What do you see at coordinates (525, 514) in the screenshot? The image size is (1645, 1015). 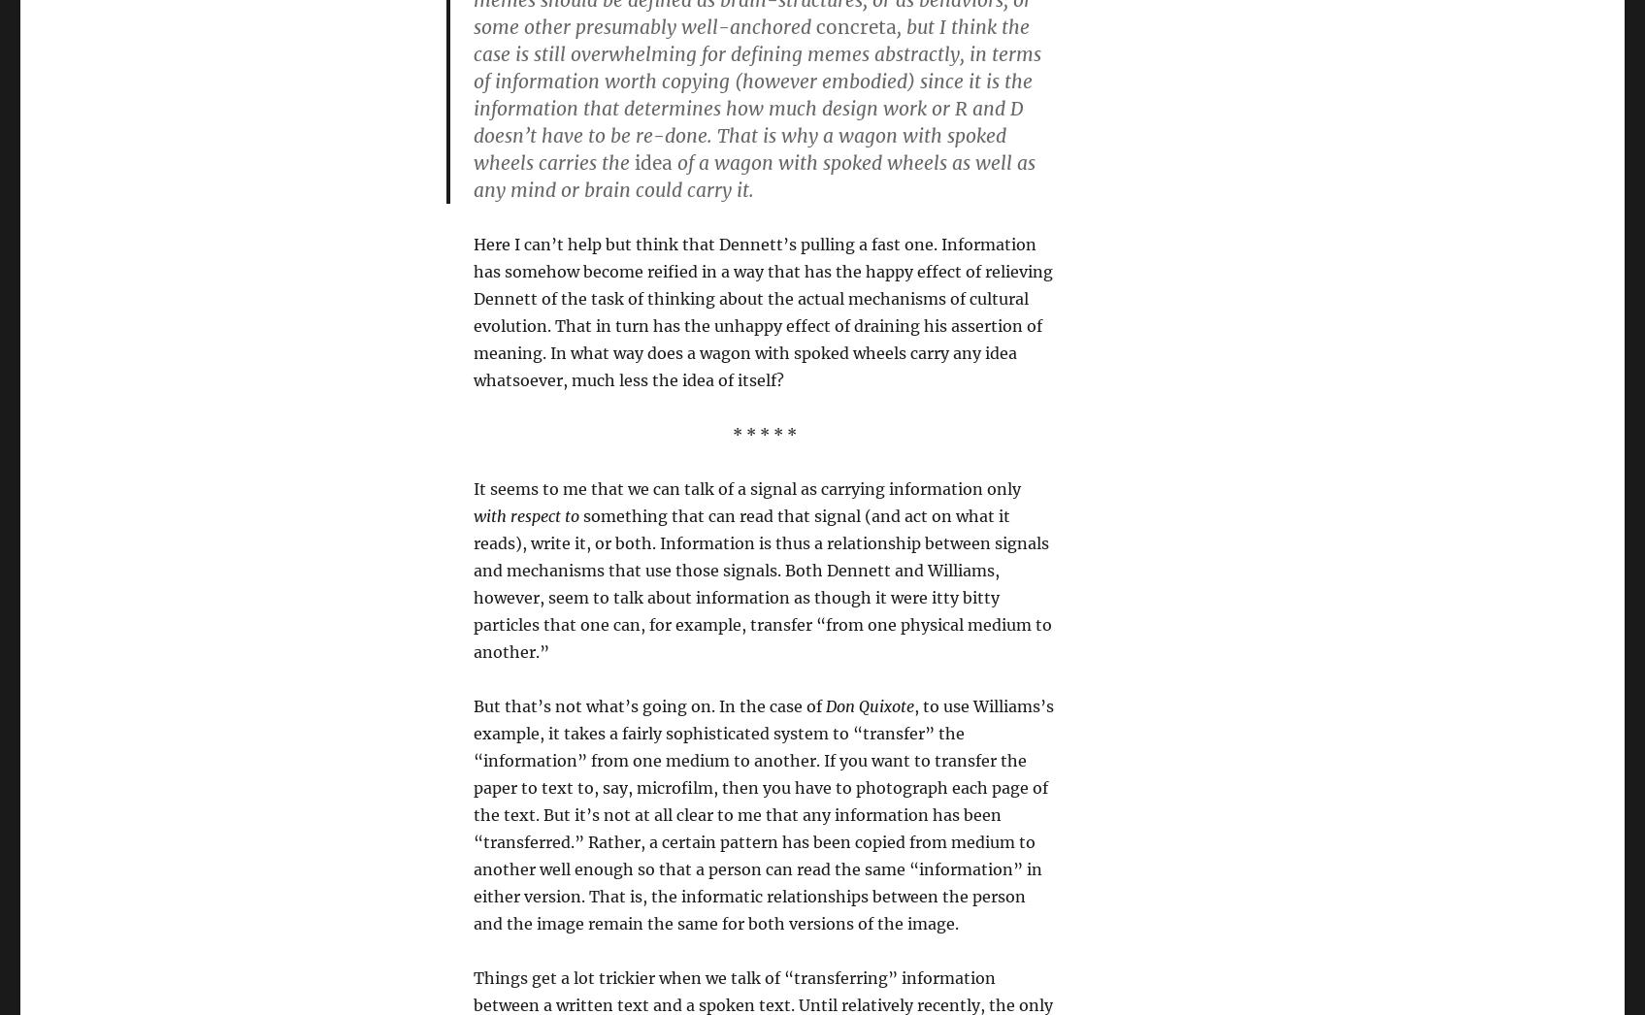 I see `'with respect to'` at bounding box center [525, 514].